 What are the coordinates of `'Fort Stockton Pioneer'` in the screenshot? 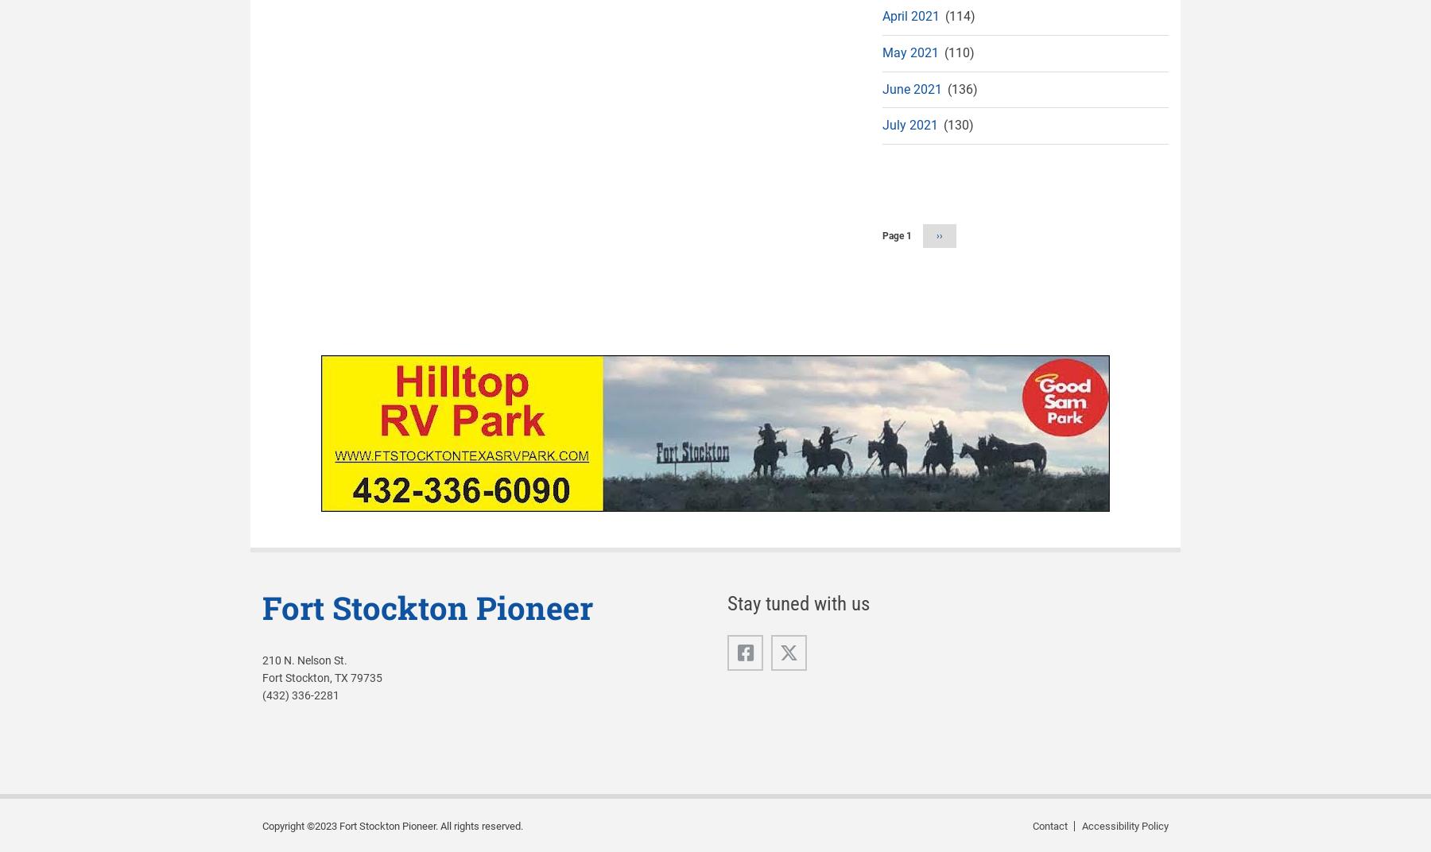 It's located at (427, 607).